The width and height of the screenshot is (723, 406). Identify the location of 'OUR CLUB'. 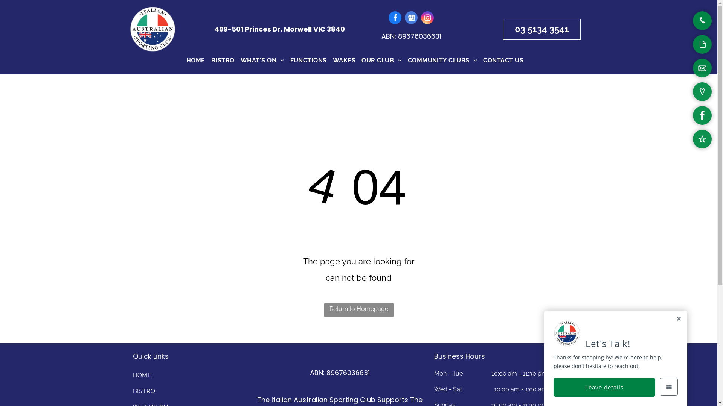
(358, 60).